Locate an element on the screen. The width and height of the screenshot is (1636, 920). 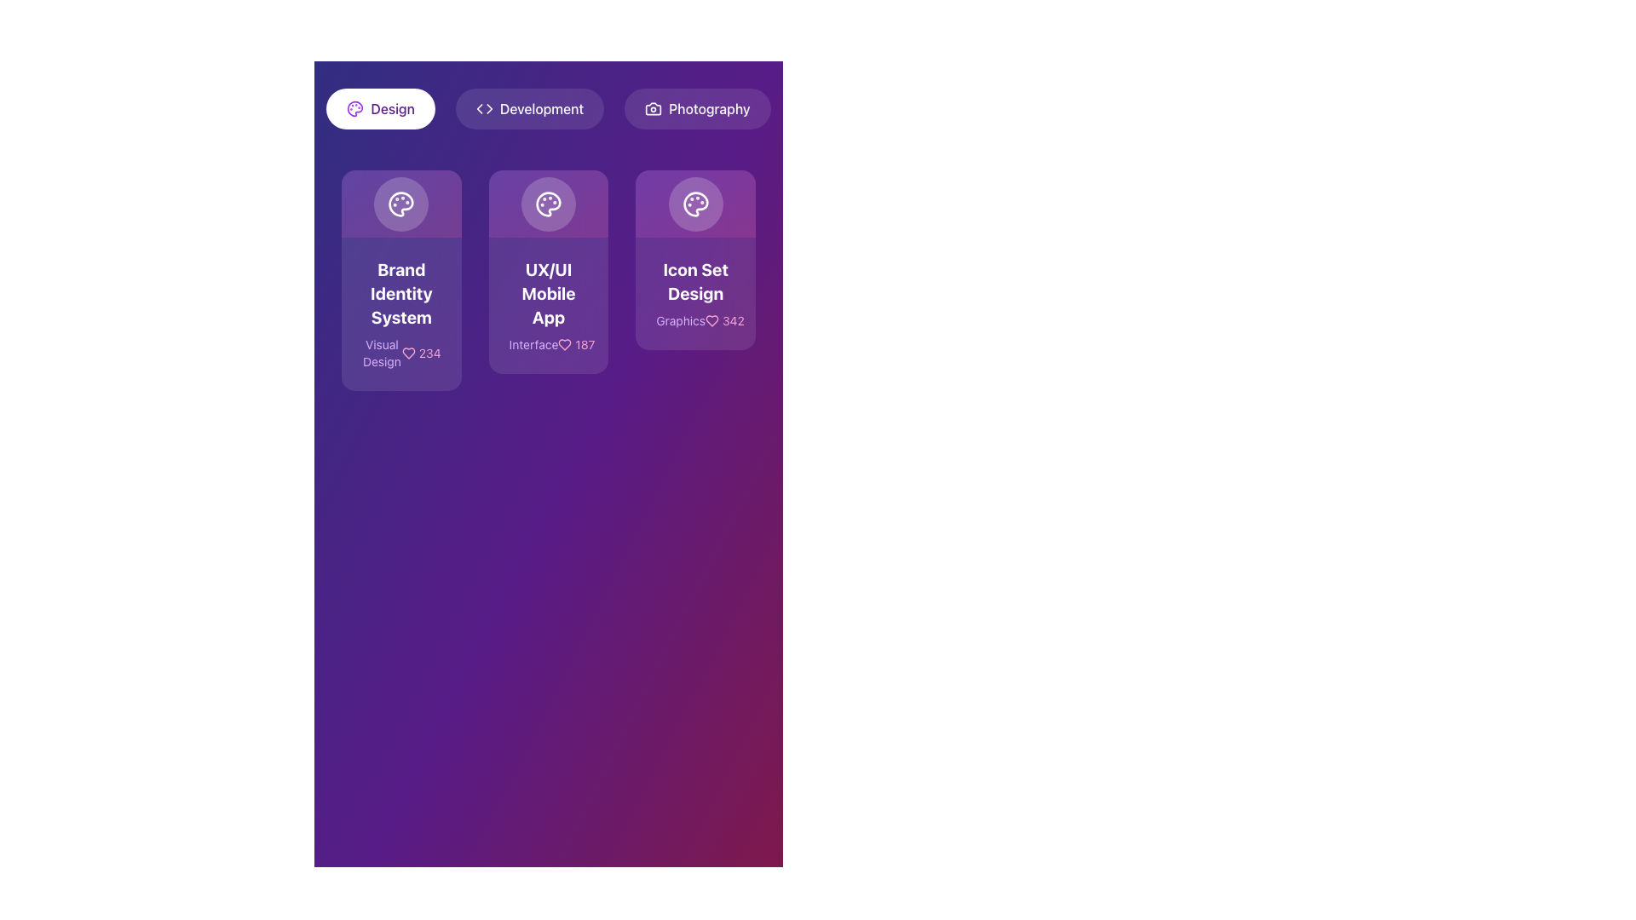
the heart-shaped icon with an outlined pink design that represents a 'like' symbol, located within the 'Brand Identity System' card and adjacent to the number '234' is located at coordinates (407, 353).